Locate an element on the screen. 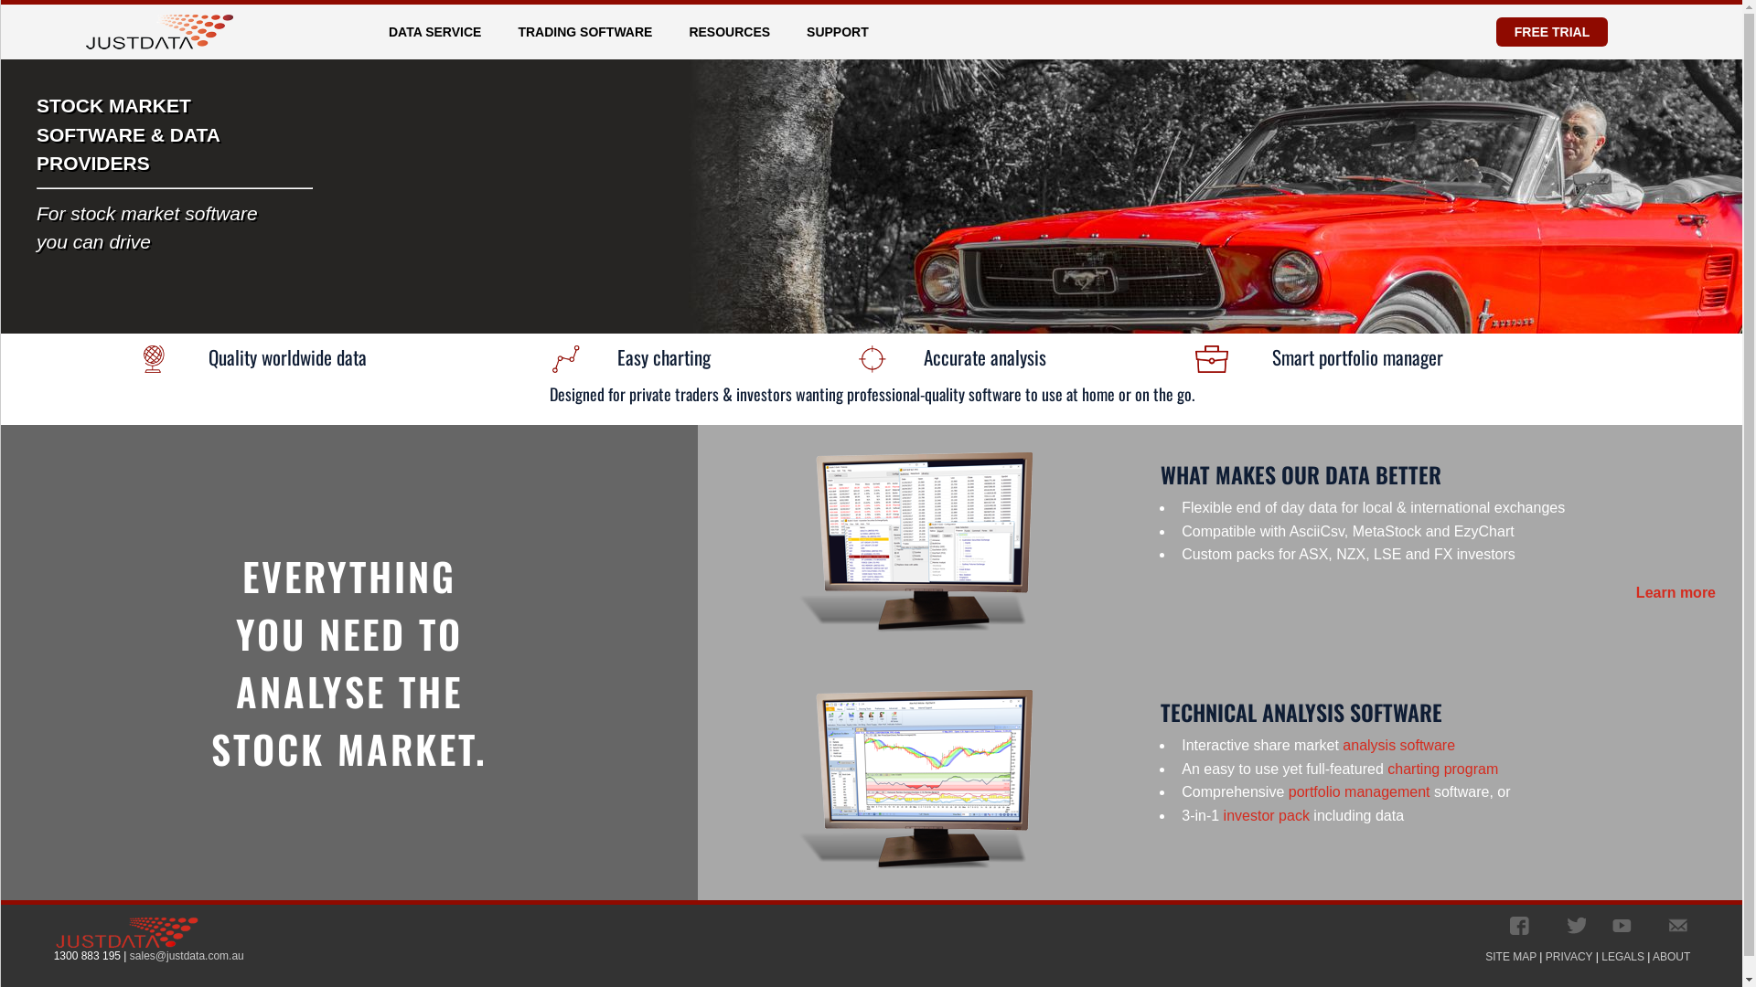 The image size is (1756, 987). 'charting program' is located at coordinates (1441, 769).